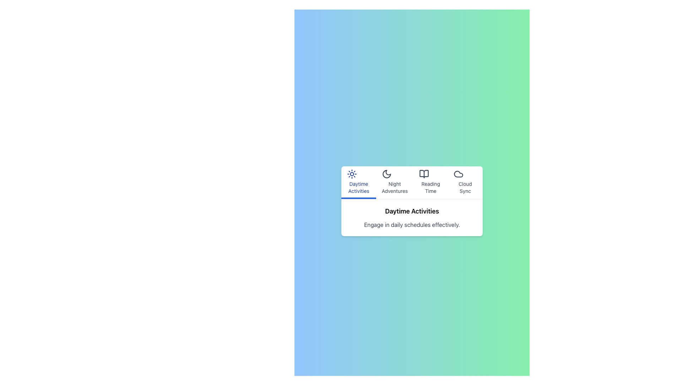 Image resolution: width=682 pixels, height=383 pixels. I want to click on the cloud-shaped SVG icon in the navigation bar, which is the fourth icon in a horizontally aligned group of minimalist styled icons, so click(459, 174).